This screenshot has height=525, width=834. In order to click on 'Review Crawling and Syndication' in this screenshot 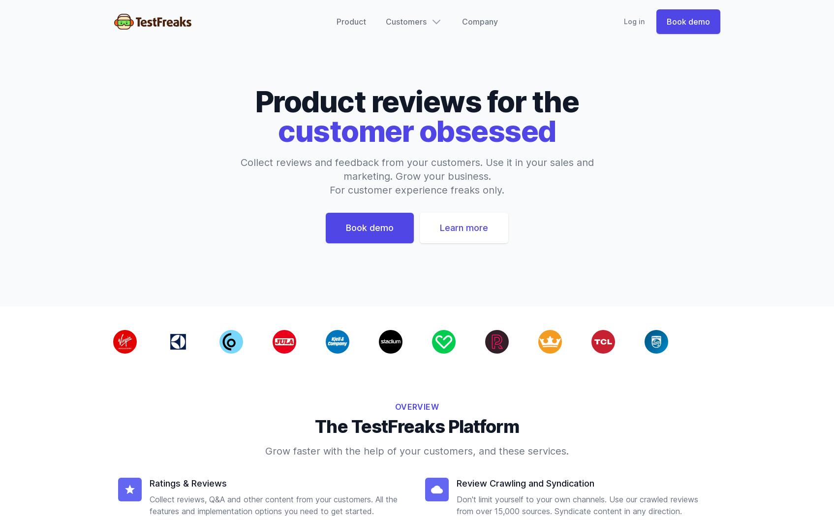, I will do `click(525, 483)`.